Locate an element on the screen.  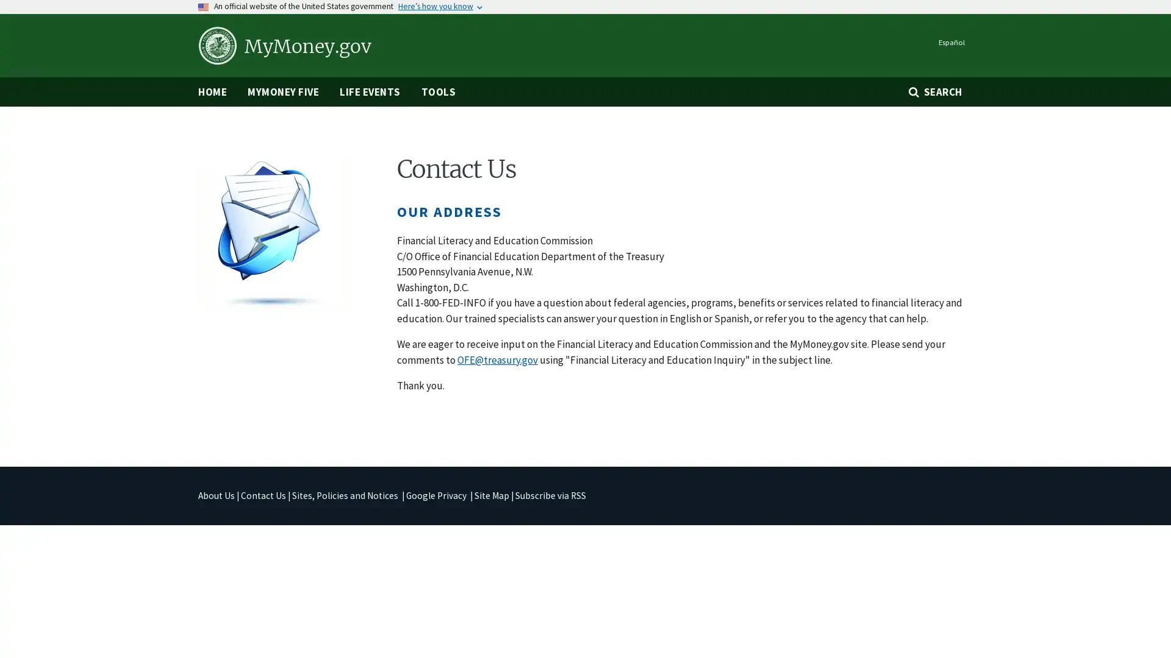
SEARCH is located at coordinates (936, 91).